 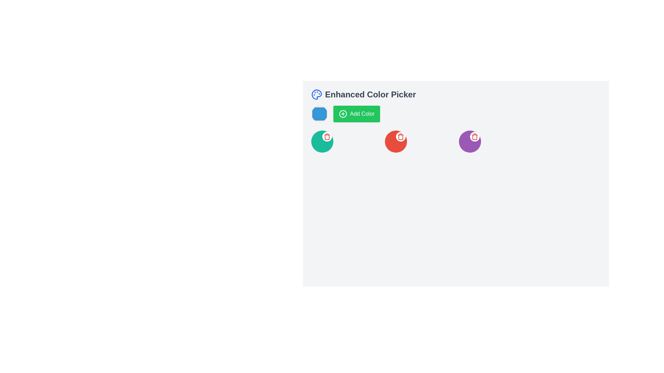 What do you see at coordinates (357, 114) in the screenshot?
I see `the 'Add Color' button, which is a bright green rectangular button with white text and an icon, located towards the upper-middle section of the interface` at bounding box center [357, 114].